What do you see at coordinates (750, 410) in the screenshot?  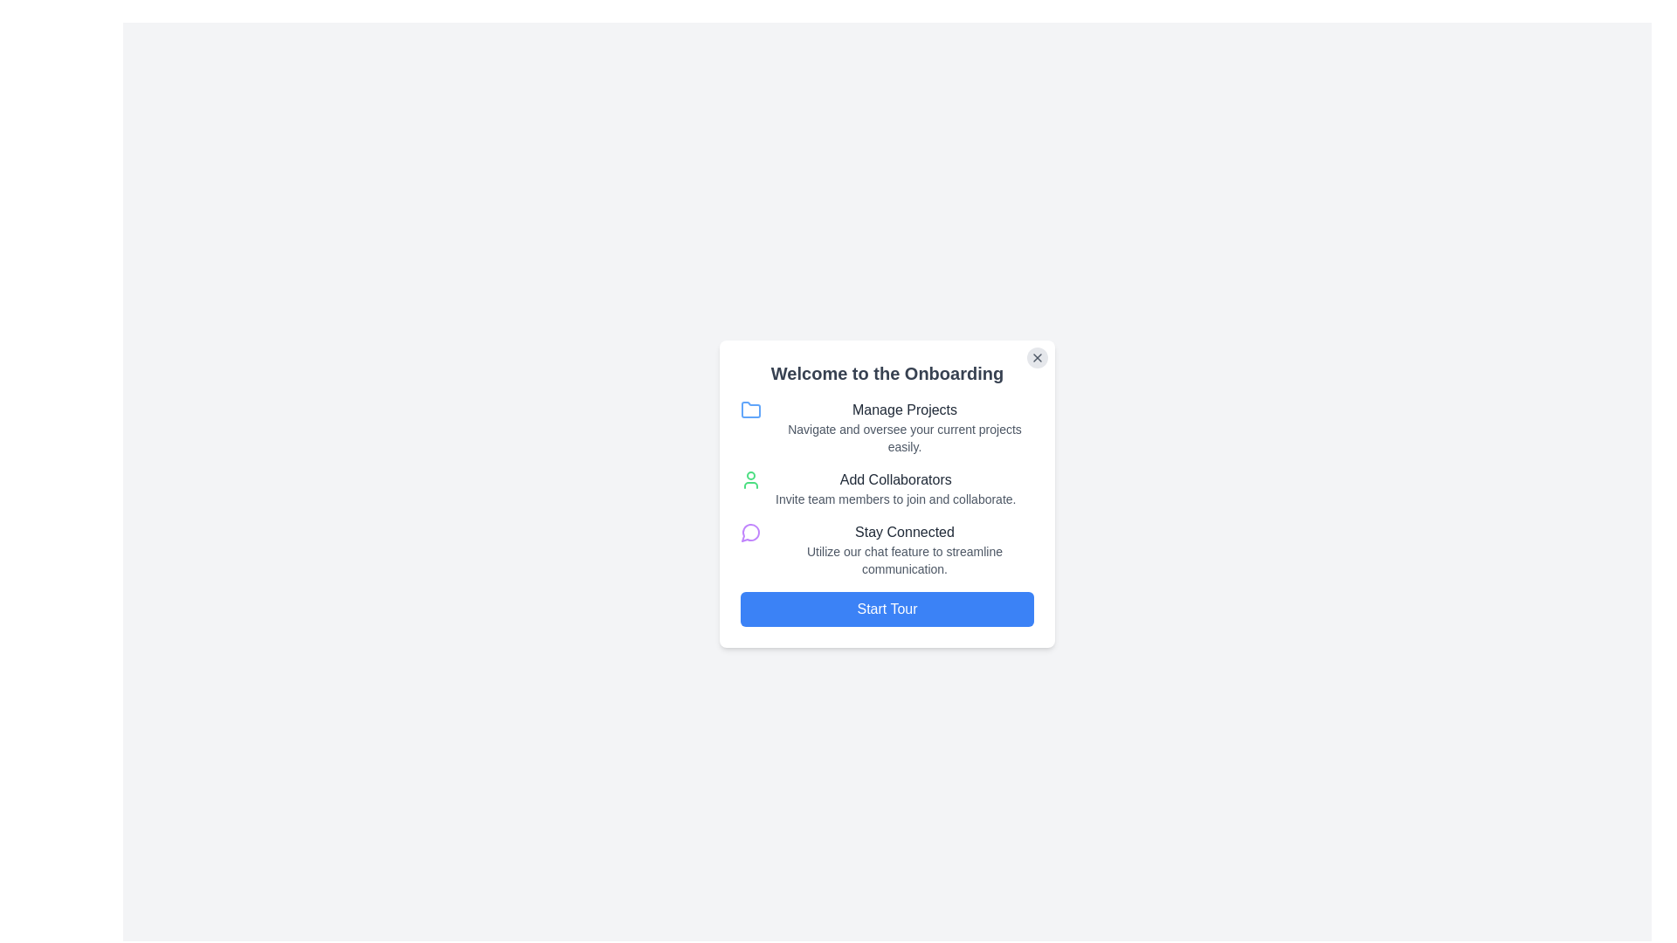 I see `the icon related to the 'Manage Projects' section` at bounding box center [750, 410].